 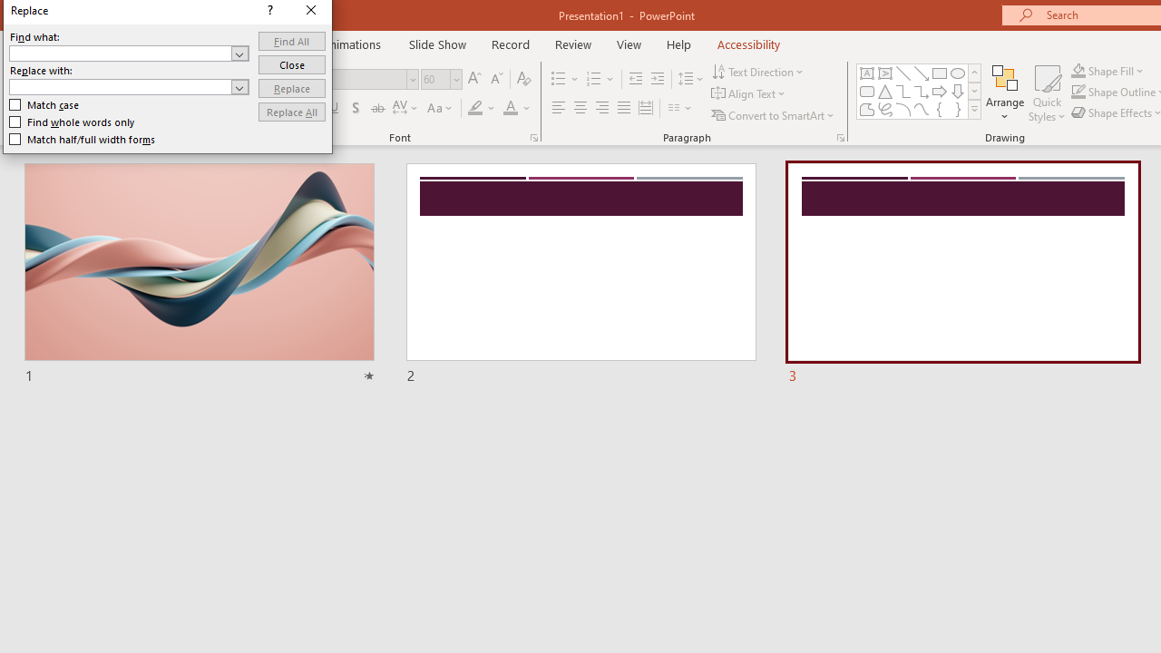 What do you see at coordinates (601, 108) in the screenshot?
I see `'Align Right'` at bounding box center [601, 108].